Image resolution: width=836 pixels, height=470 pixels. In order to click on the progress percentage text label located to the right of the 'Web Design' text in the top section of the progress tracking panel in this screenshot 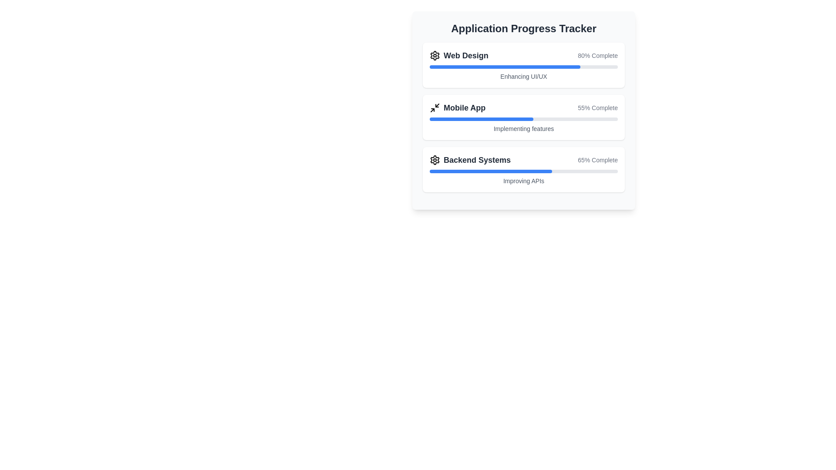, I will do `click(597, 55)`.